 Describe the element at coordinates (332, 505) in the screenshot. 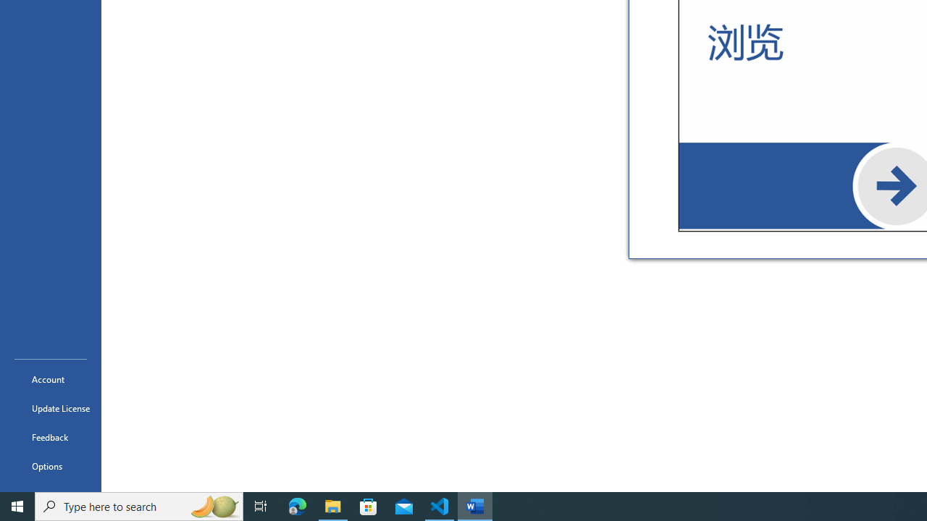

I see `'File Explorer - 1 running window'` at that location.